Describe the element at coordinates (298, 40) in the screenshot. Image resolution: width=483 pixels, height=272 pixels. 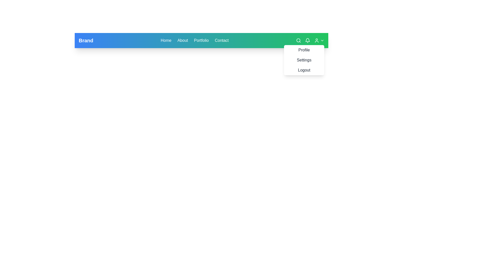
I see `the circular search icon located in the top-right section of the interface, which has a green background and is part of an SVG graphic` at that location.